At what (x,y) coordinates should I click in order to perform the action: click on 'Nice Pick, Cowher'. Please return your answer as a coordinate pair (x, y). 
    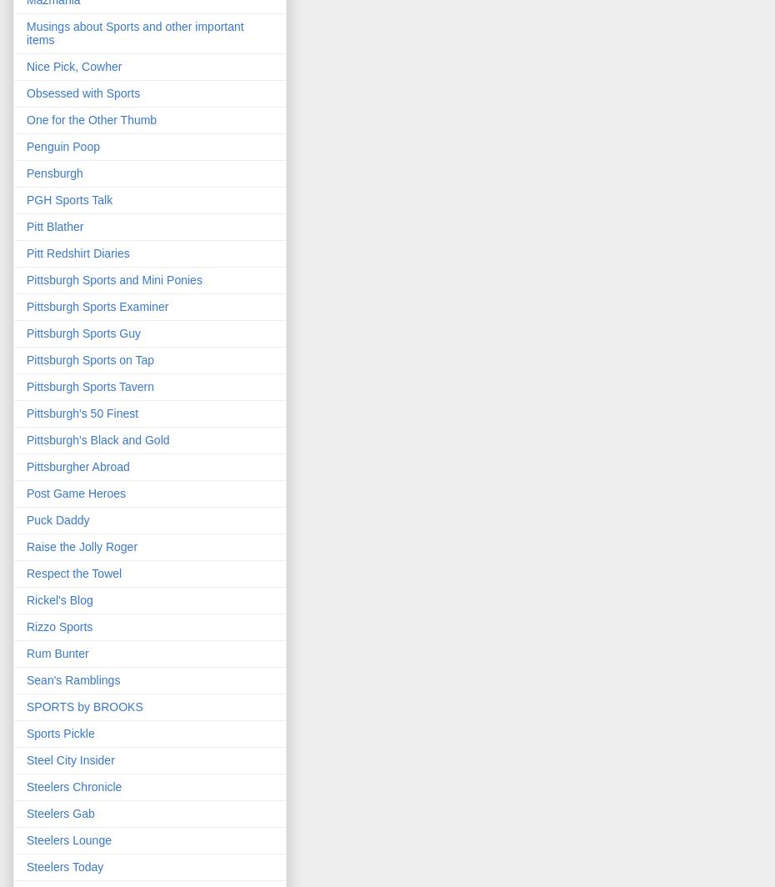
    Looking at the image, I should click on (74, 67).